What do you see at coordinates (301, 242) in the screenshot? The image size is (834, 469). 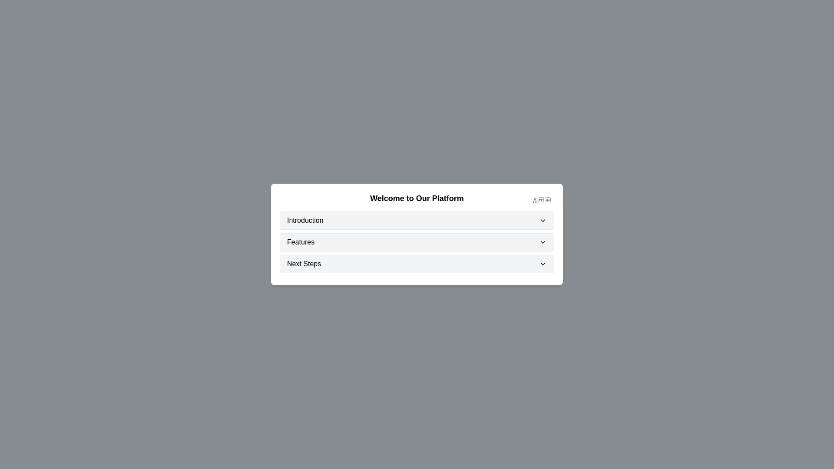 I see `the 'Features' text label, which is styled in a medium-weight font and is located in the second row of a vertical list under the header 'Welcome to Our Platform'` at bounding box center [301, 242].